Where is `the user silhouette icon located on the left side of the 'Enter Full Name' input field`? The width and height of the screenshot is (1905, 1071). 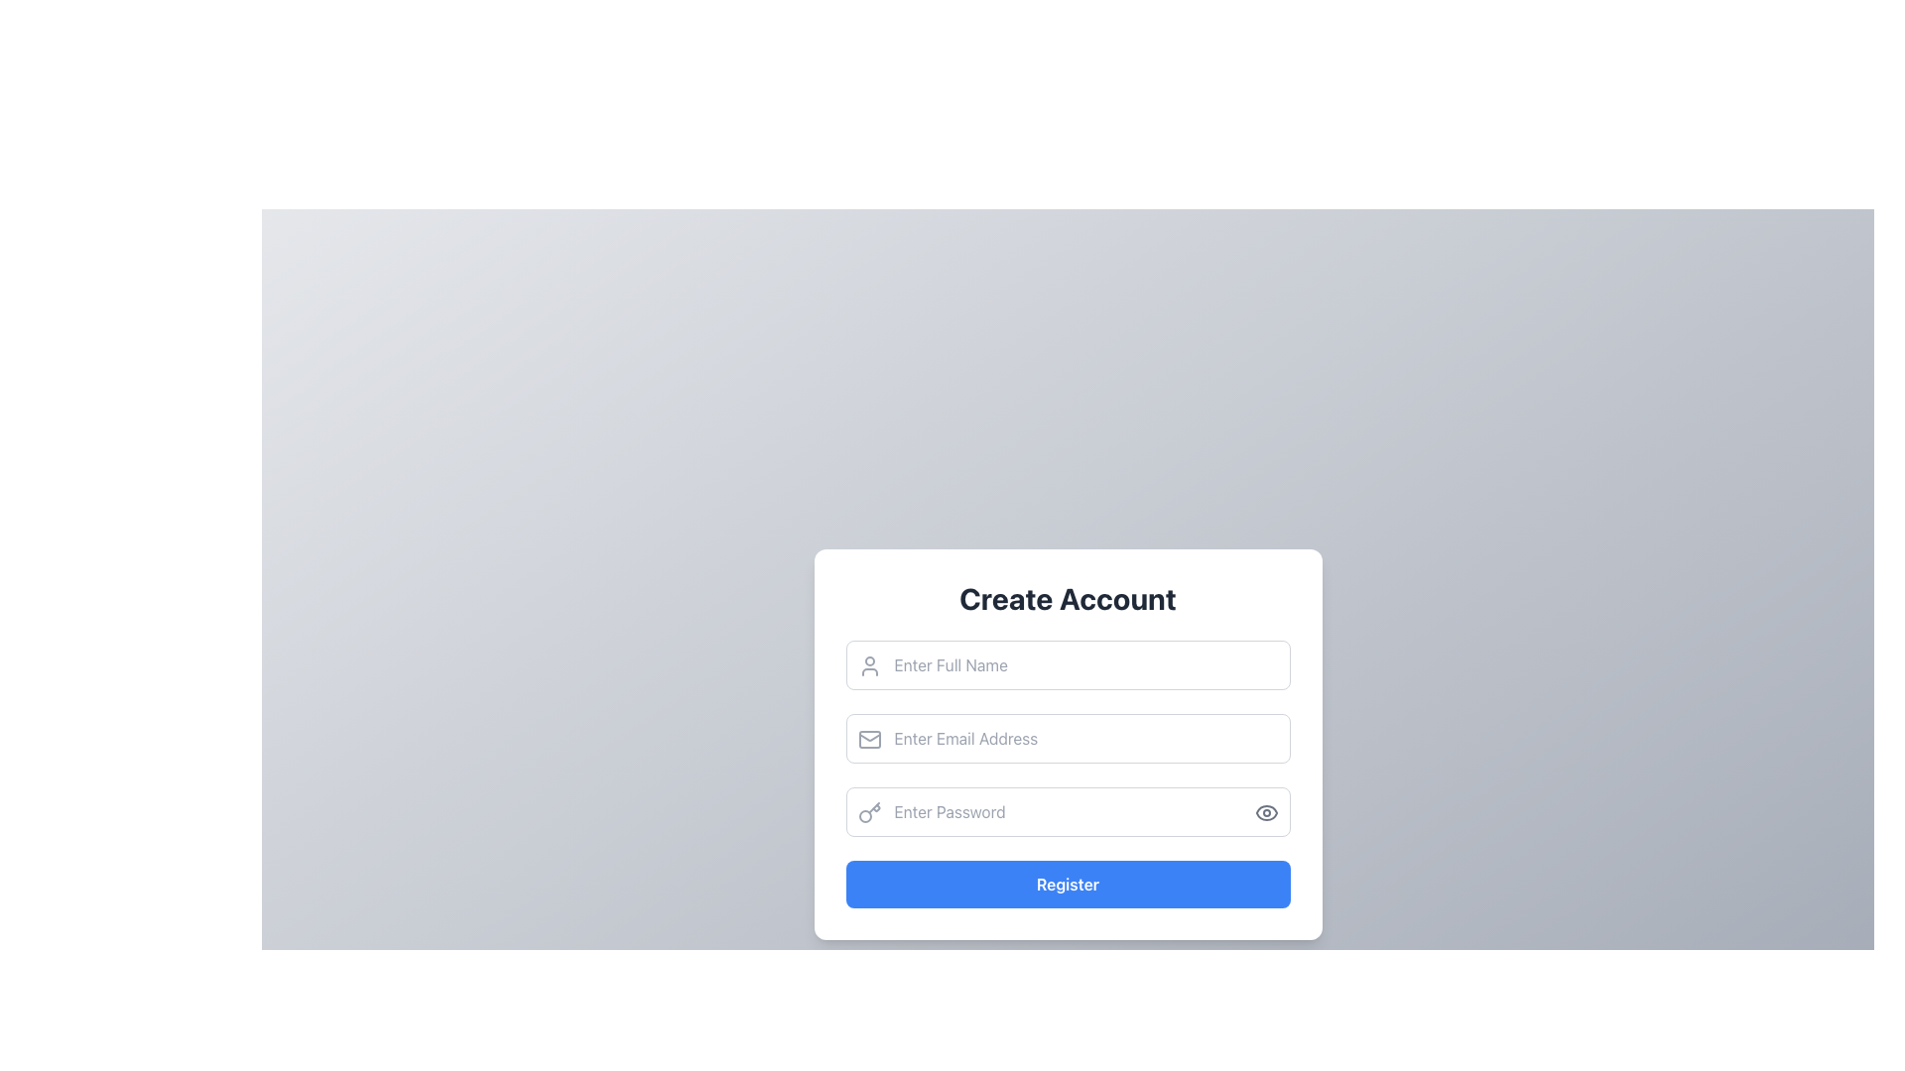
the user silhouette icon located on the left side of the 'Enter Full Name' input field is located at coordinates (869, 665).